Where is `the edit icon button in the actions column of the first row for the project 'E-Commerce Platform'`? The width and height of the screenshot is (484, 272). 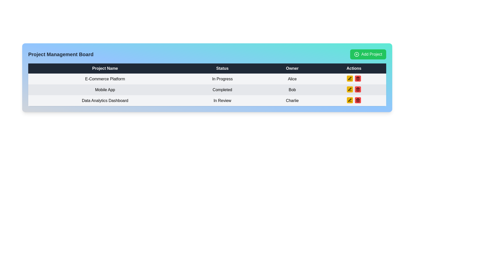
the edit icon button in the actions column of the first row for the project 'E-Commerce Platform' is located at coordinates (349, 79).